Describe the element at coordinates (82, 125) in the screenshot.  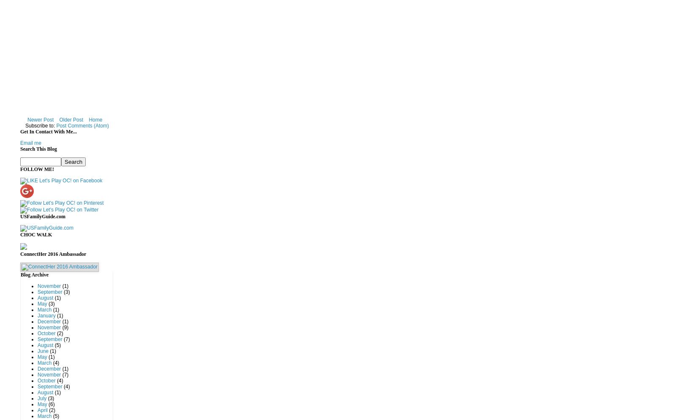
I see `'Post Comments (Atom)'` at that location.